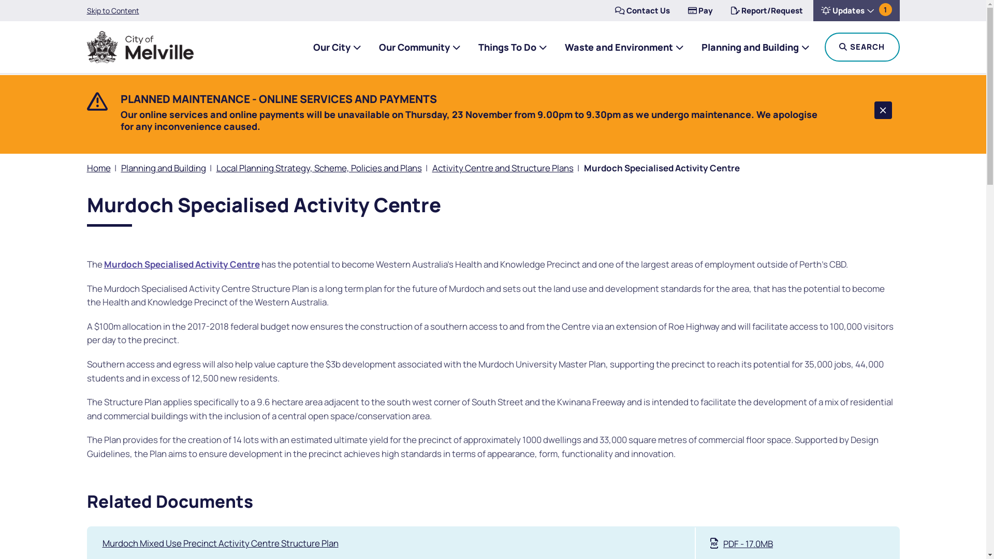  What do you see at coordinates (623, 47) in the screenshot?
I see `'Waste and Environment'` at bounding box center [623, 47].